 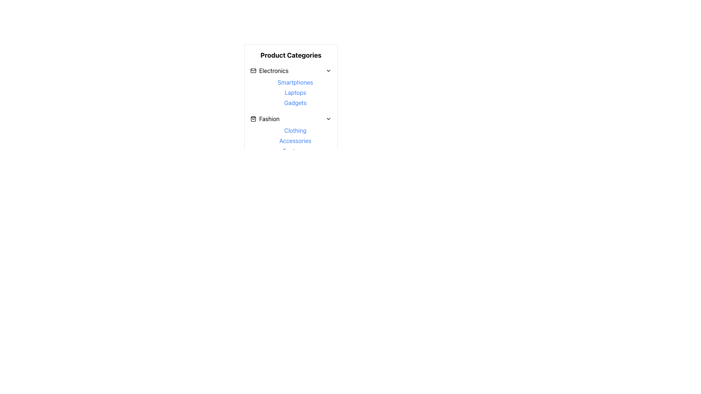 I want to click on the 'Gadgets' text link, which is styled with a serif font, bold, and blue in color, located under the 'Electronics' category in the 'Product Categories' section, so click(x=295, y=103).